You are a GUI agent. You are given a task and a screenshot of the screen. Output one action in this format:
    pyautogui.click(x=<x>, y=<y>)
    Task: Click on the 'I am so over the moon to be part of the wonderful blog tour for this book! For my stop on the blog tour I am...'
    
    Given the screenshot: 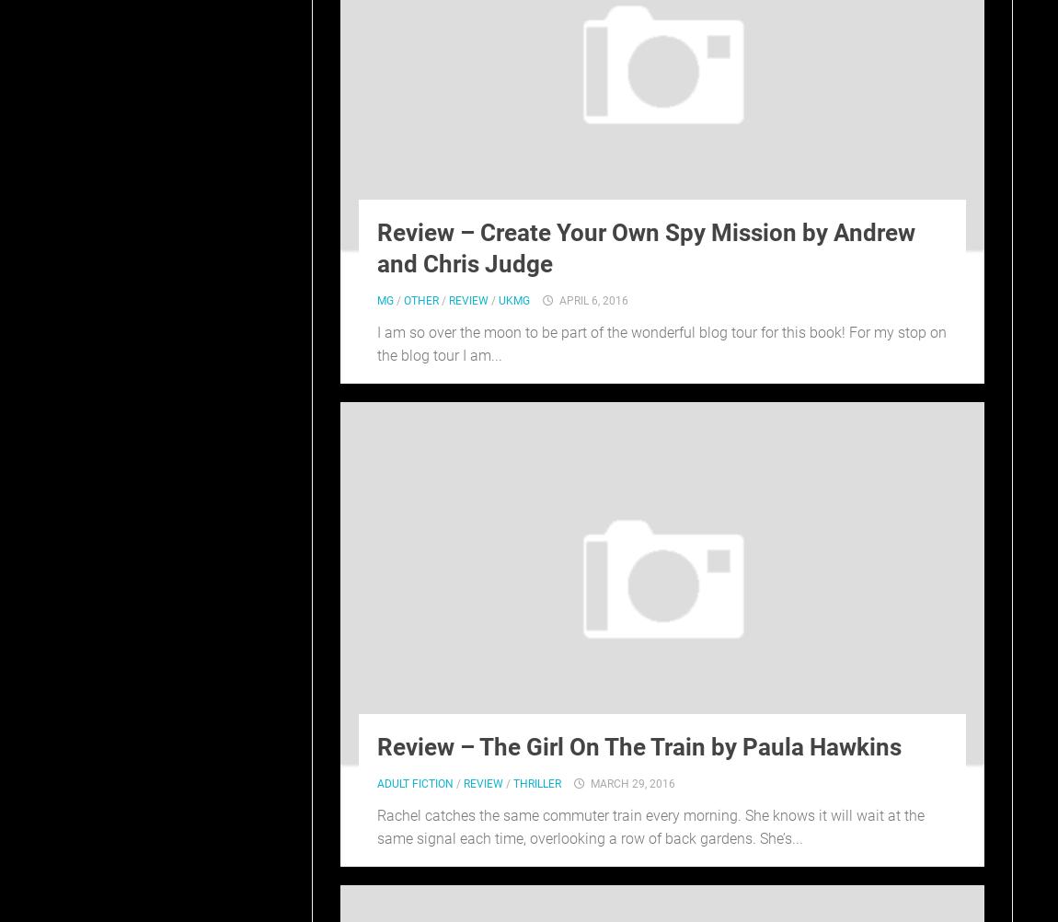 What is the action you would take?
    pyautogui.click(x=661, y=343)
    